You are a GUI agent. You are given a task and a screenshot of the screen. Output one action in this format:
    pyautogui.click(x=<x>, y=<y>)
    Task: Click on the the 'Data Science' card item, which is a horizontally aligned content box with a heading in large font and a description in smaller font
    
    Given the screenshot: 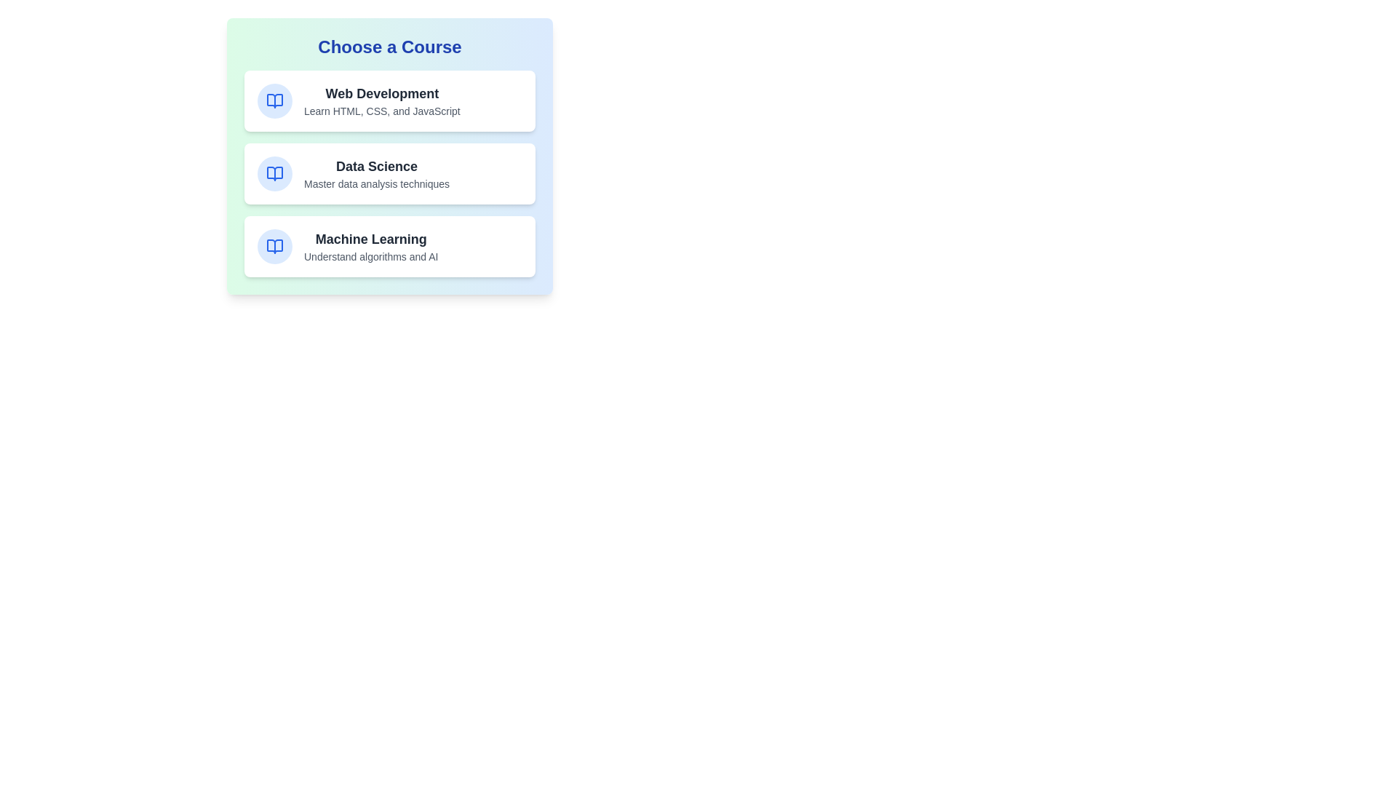 What is the action you would take?
    pyautogui.click(x=390, y=156)
    